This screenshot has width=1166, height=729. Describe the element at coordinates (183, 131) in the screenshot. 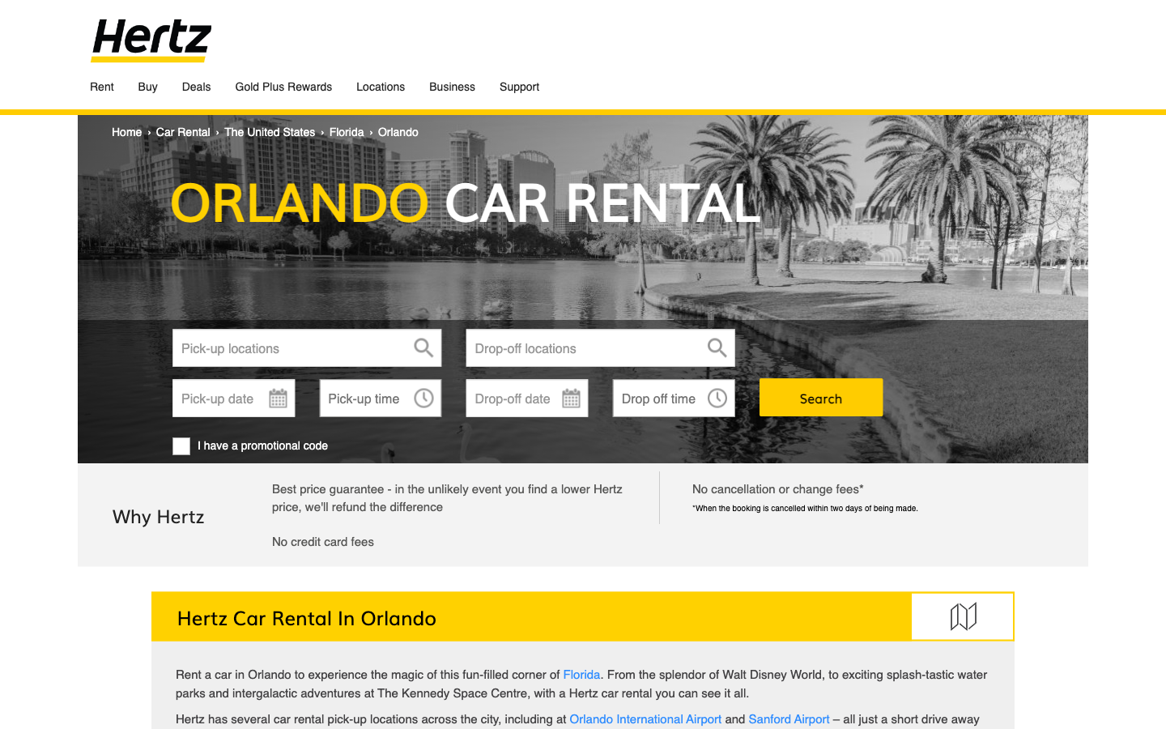

I see `car rental section` at that location.